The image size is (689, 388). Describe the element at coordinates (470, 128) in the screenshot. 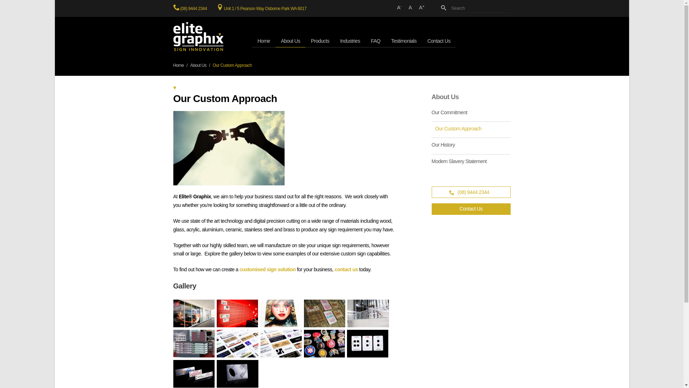

I see `'Our Custom Approach'` at that location.